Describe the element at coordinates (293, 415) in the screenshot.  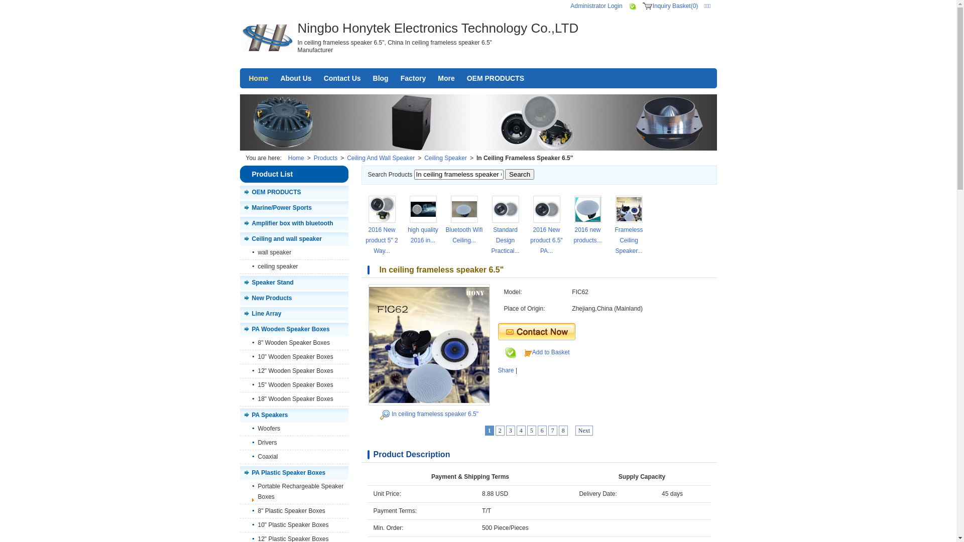
I see `'PA Speakers'` at that location.